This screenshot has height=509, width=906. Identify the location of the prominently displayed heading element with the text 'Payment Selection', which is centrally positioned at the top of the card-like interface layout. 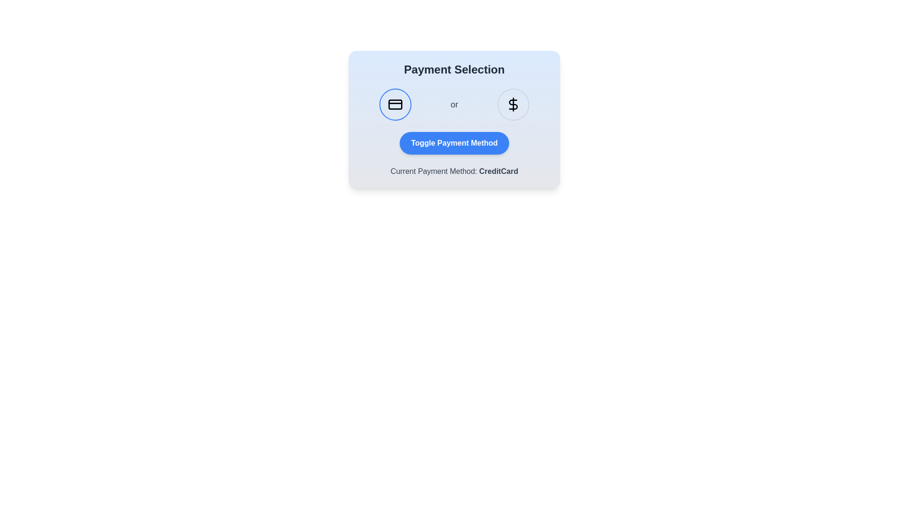
(454, 69).